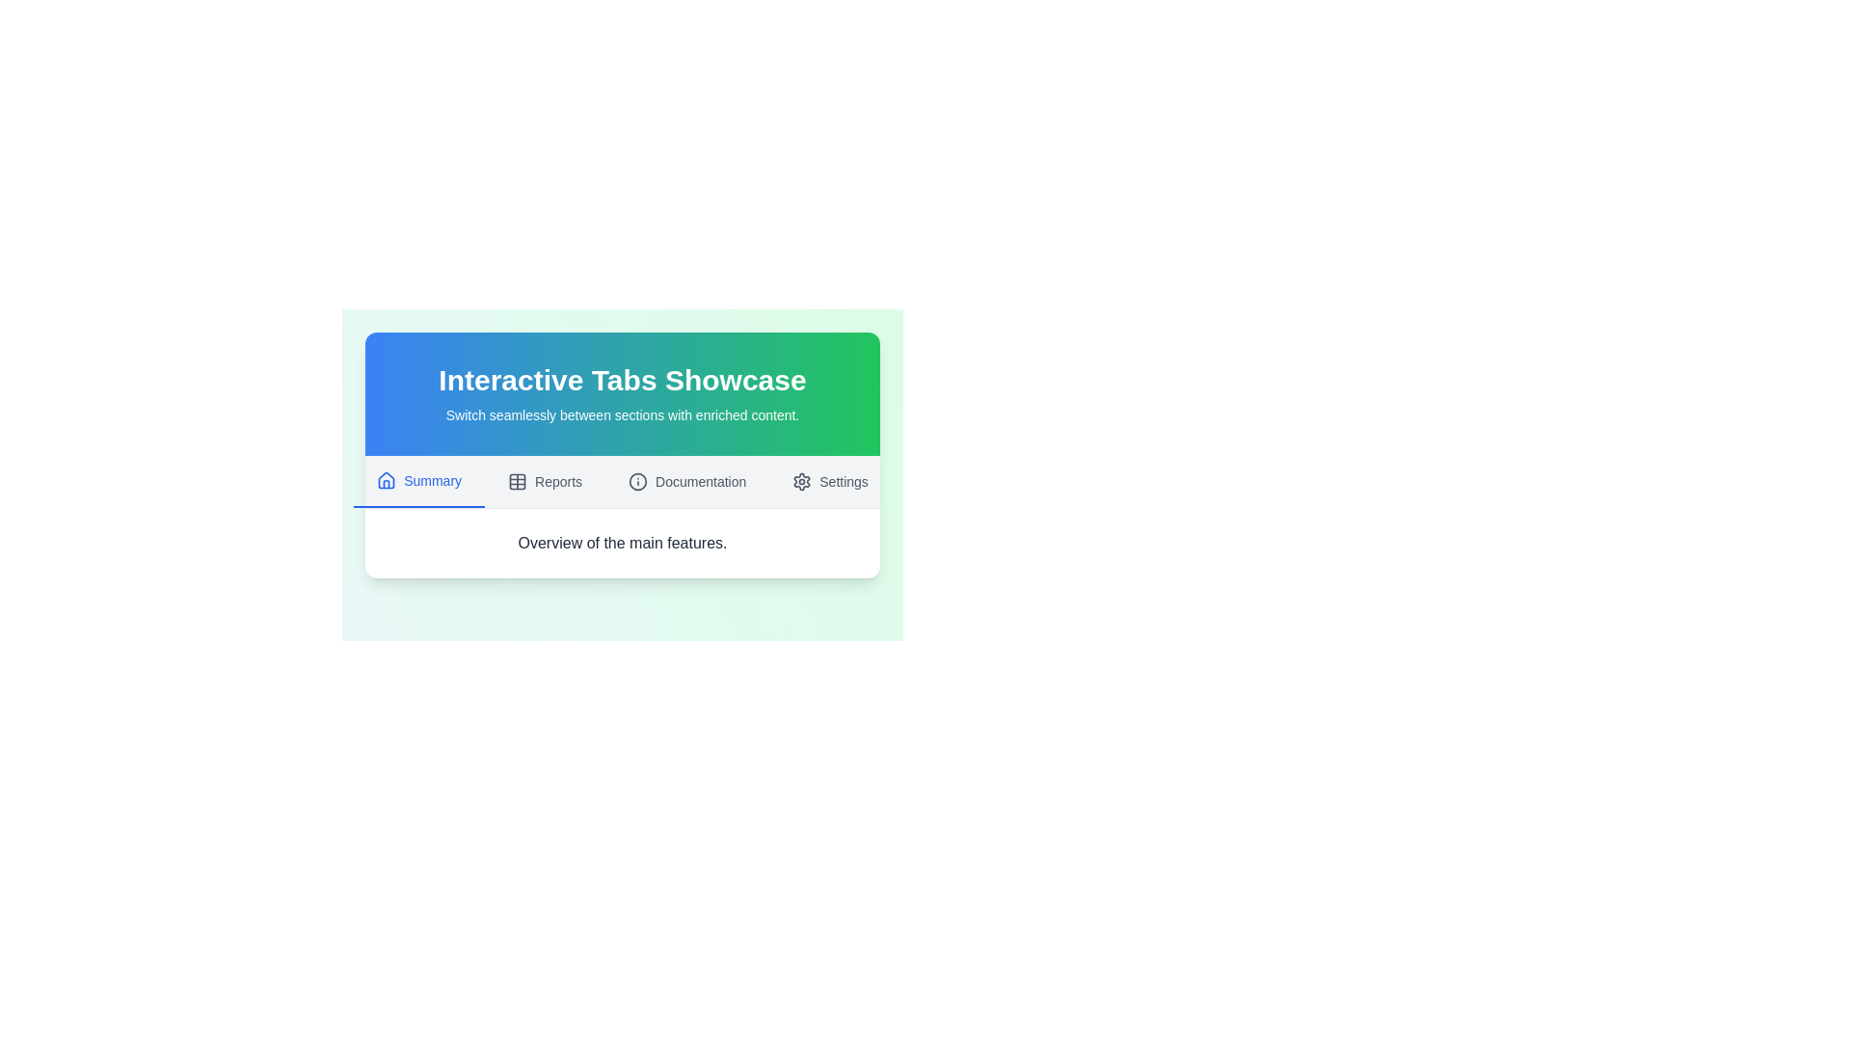 The image size is (1851, 1041). What do you see at coordinates (623, 543) in the screenshot?
I see `the text label displaying 'Overview of the main features.' which is located below the tab navigation bar and is horizontally centered on the page` at bounding box center [623, 543].